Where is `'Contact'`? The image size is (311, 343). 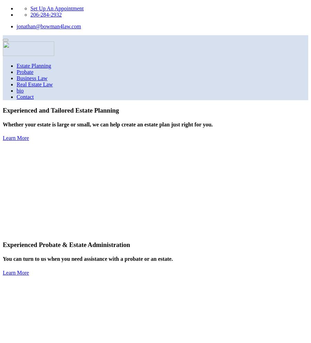 'Contact' is located at coordinates (16, 97).